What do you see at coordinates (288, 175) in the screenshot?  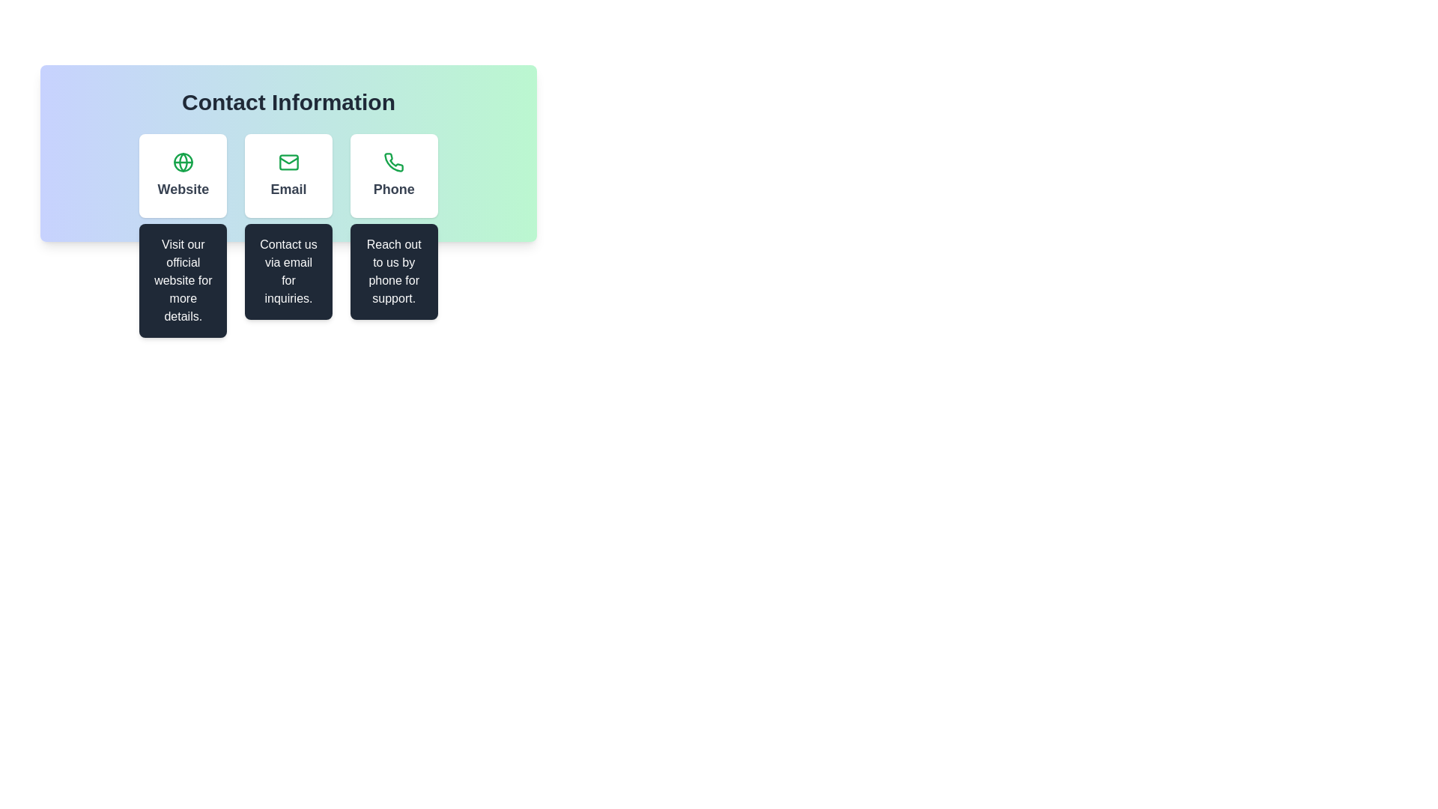 I see `displayed information on the middle card-style UI component for email contact located in the 'Contact Information' section` at bounding box center [288, 175].